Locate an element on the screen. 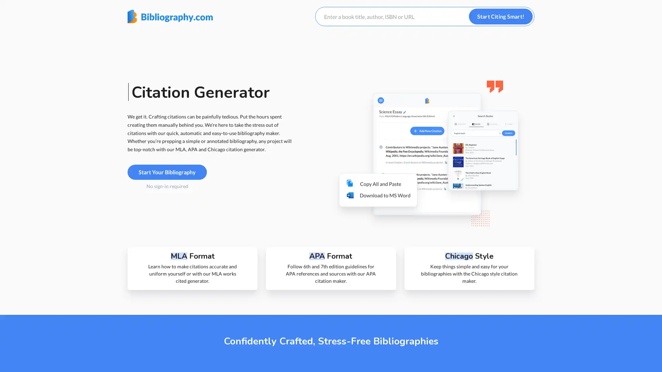 Image resolution: width=662 pixels, height=372 pixels. Customize Settings is located at coordinates (545, 345).